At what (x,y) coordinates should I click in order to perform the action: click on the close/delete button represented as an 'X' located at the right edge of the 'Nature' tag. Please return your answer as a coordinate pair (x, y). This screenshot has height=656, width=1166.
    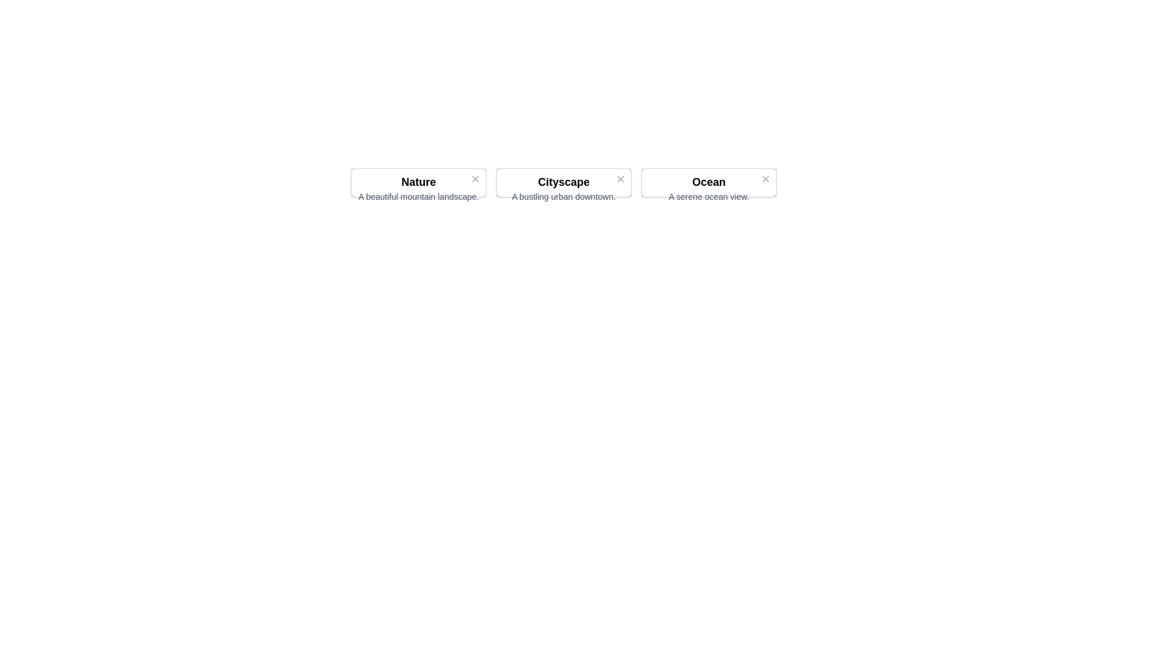
    Looking at the image, I should click on (474, 179).